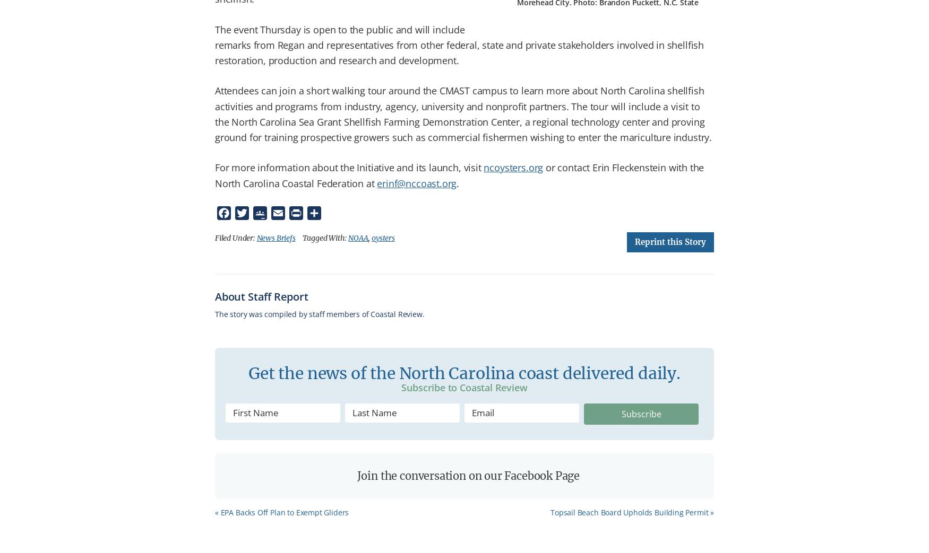  I want to click on 'erinf@nccoast.org', so click(416, 182).